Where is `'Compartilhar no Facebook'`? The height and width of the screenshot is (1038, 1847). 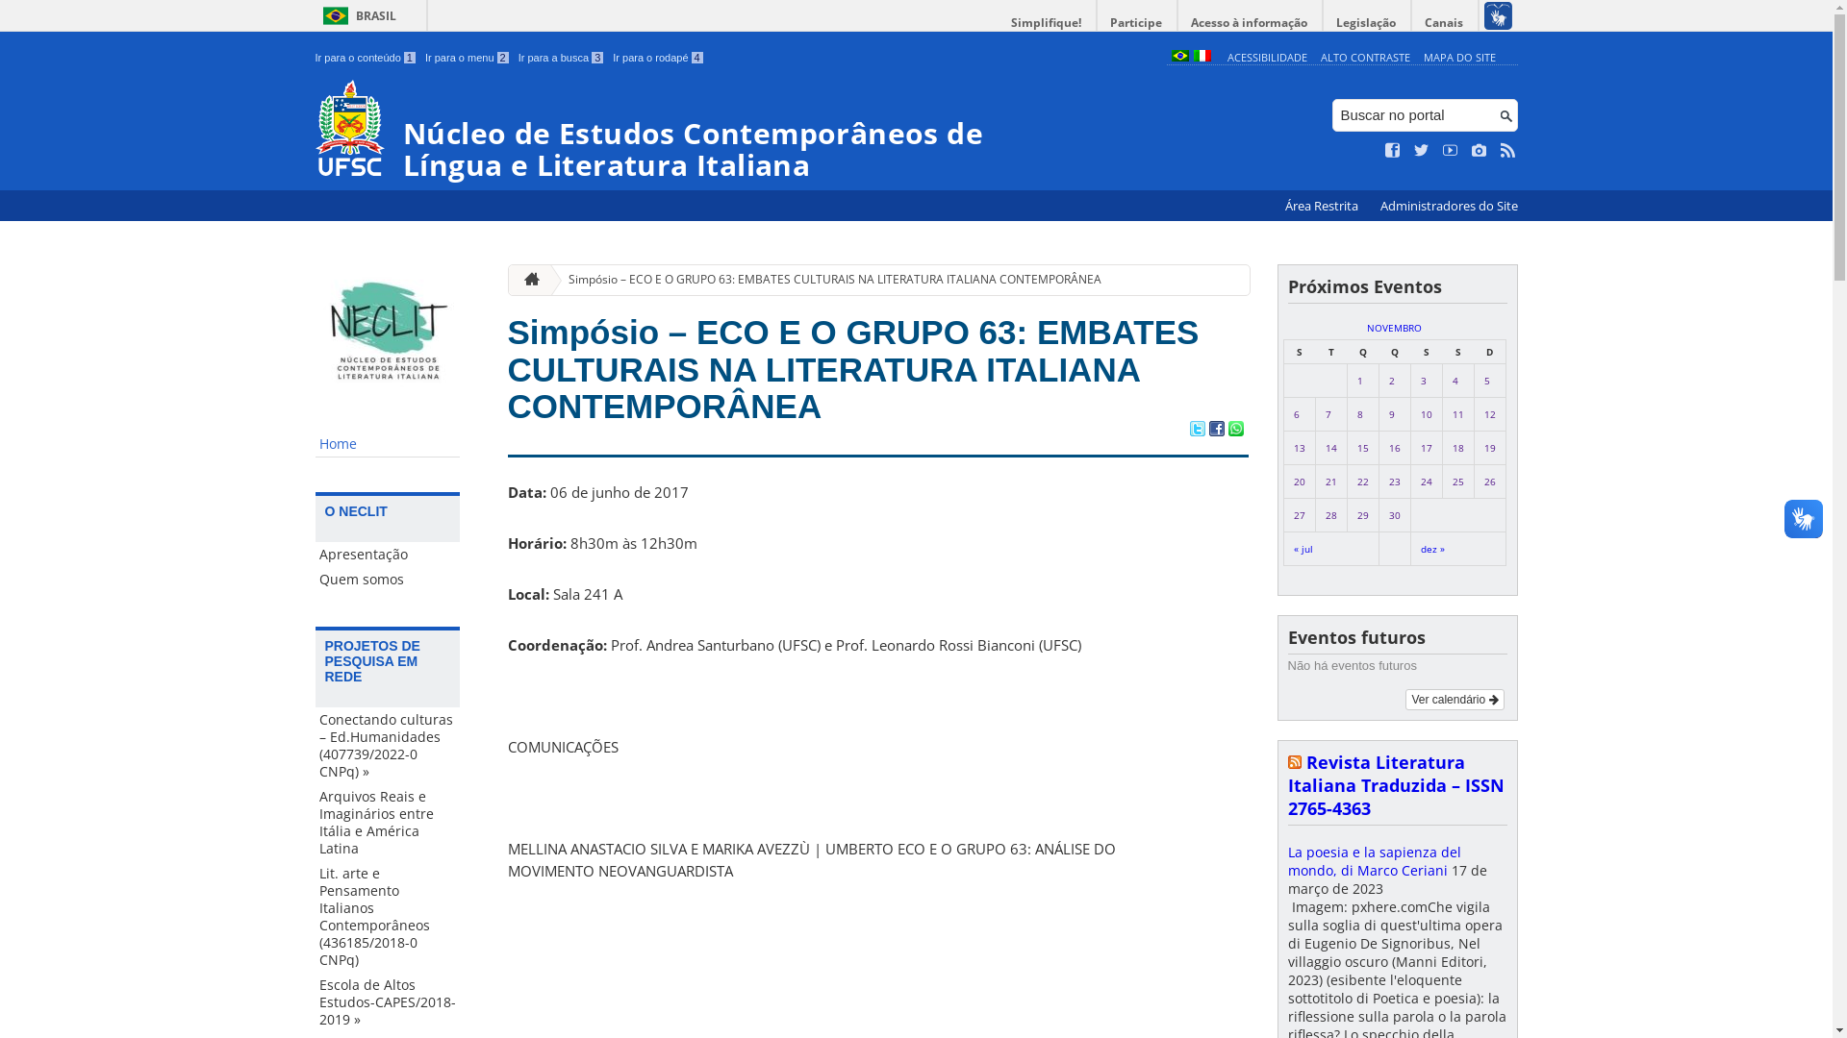
'Compartilhar no Facebook' is located at coordinates (1214, 429).